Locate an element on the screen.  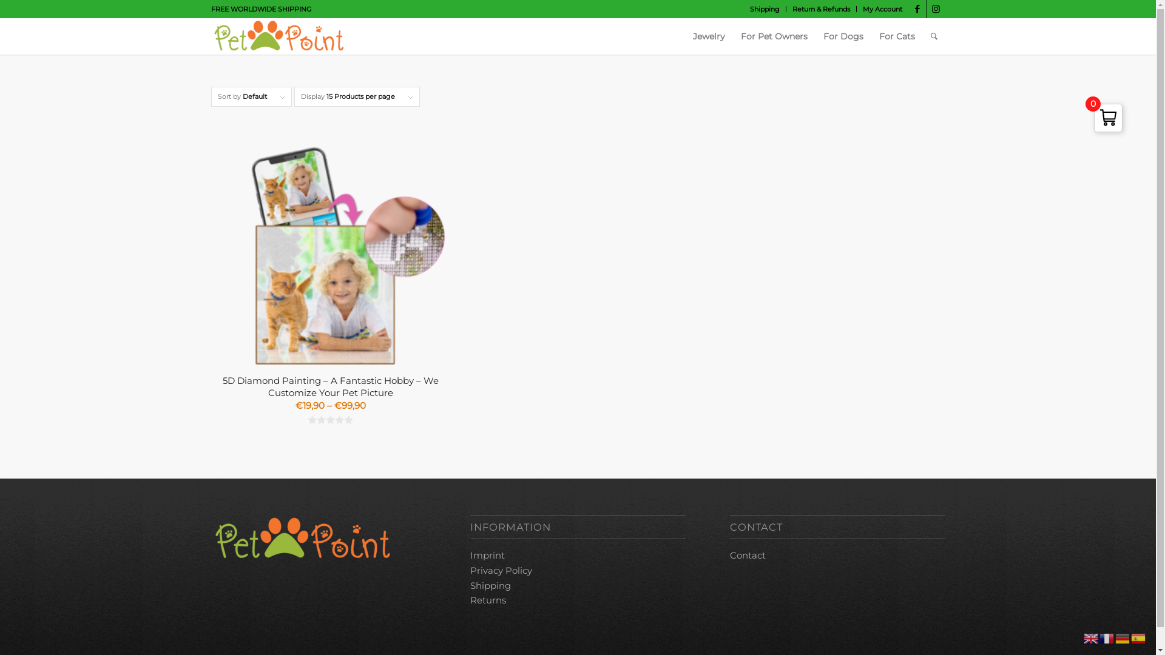
'For Cats' is located at coordinates (870, 36).